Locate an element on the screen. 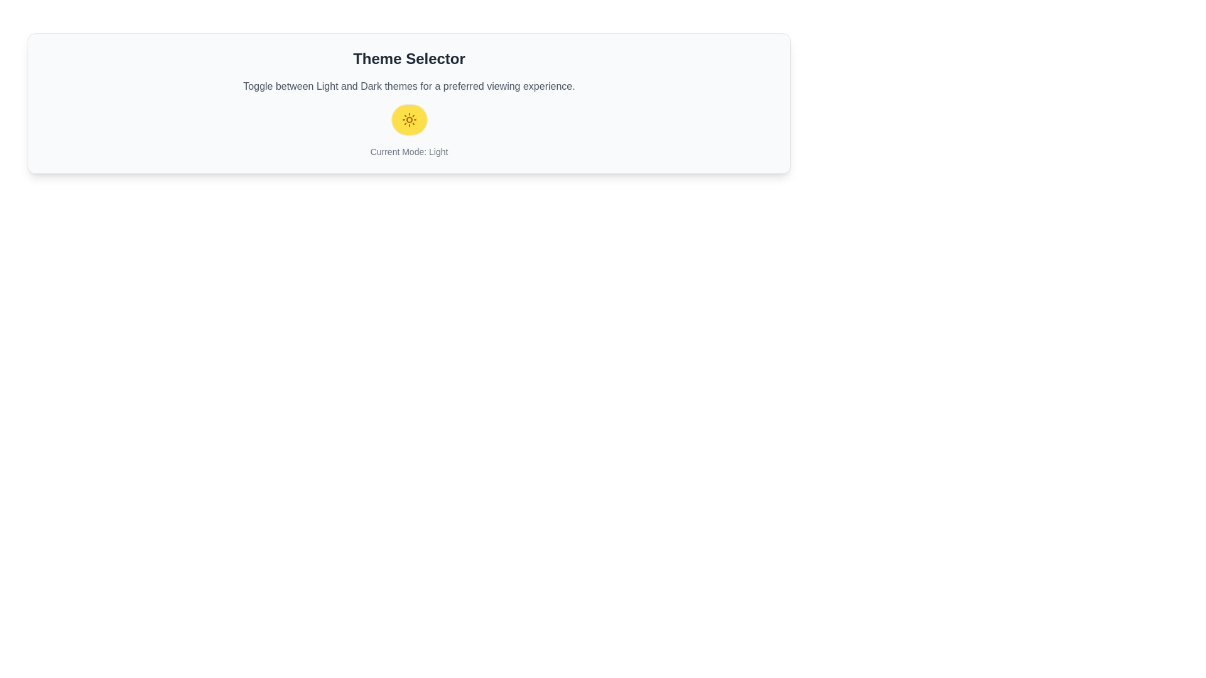 This screenshot has width=1206, height=678. the circular button with a bright yellow background and a sun icon at its center is located at coordinates (409, 120).